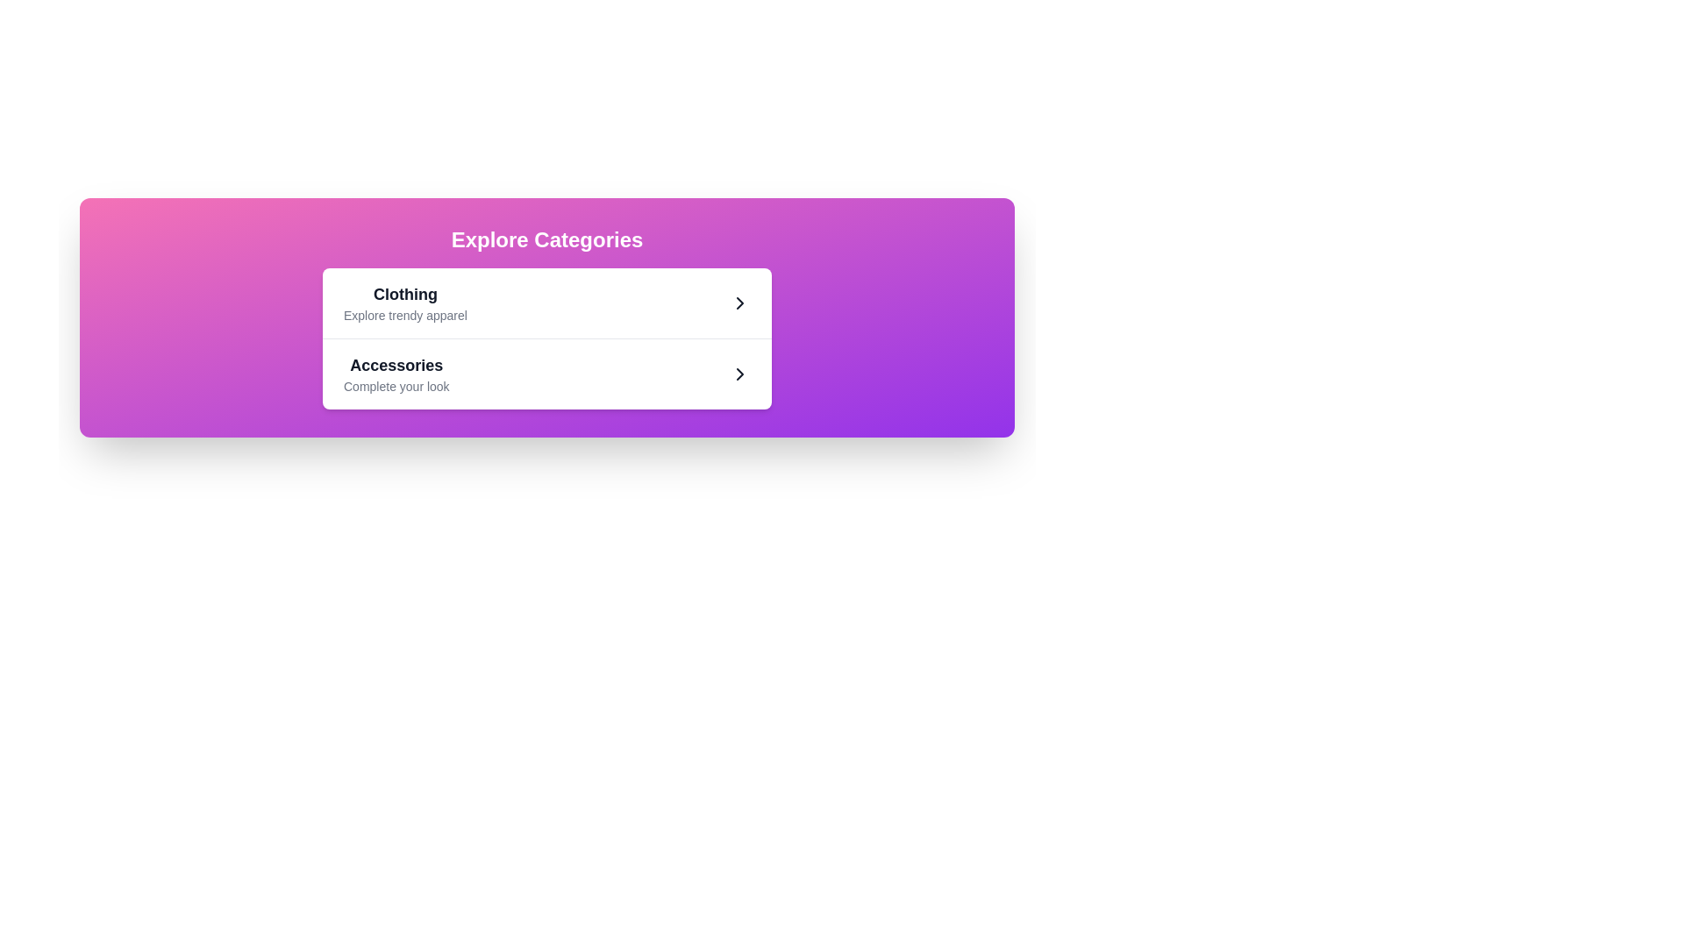 The image size is (1684, 947). I want to click on the bold text 'Accessories', so click(396, 364).